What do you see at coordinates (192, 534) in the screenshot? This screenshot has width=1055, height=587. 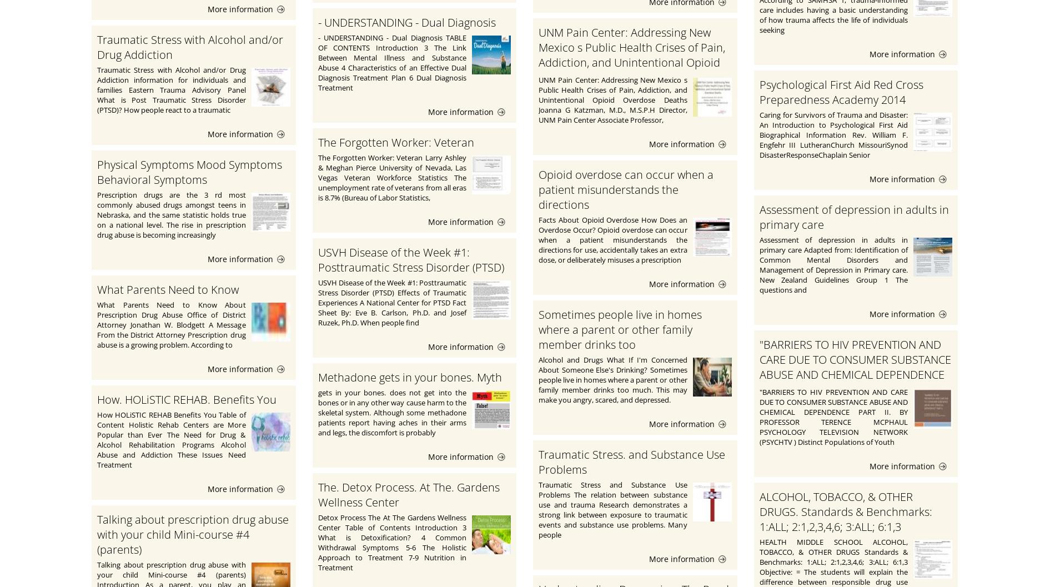 I see `'Talking about prescription drug abuse with your child Mini-course #4 (parents)'` at bounding box center [192, 534].